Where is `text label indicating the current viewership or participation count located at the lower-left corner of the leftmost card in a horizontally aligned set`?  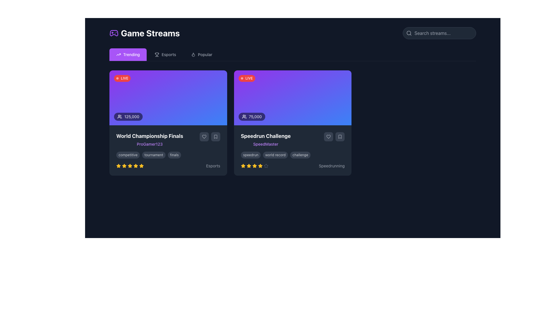
text label indicating the current viewership or participation count located at the lower-left corner of the leftmost card in a horizontally aligned set is located at coordinates (131, 116).